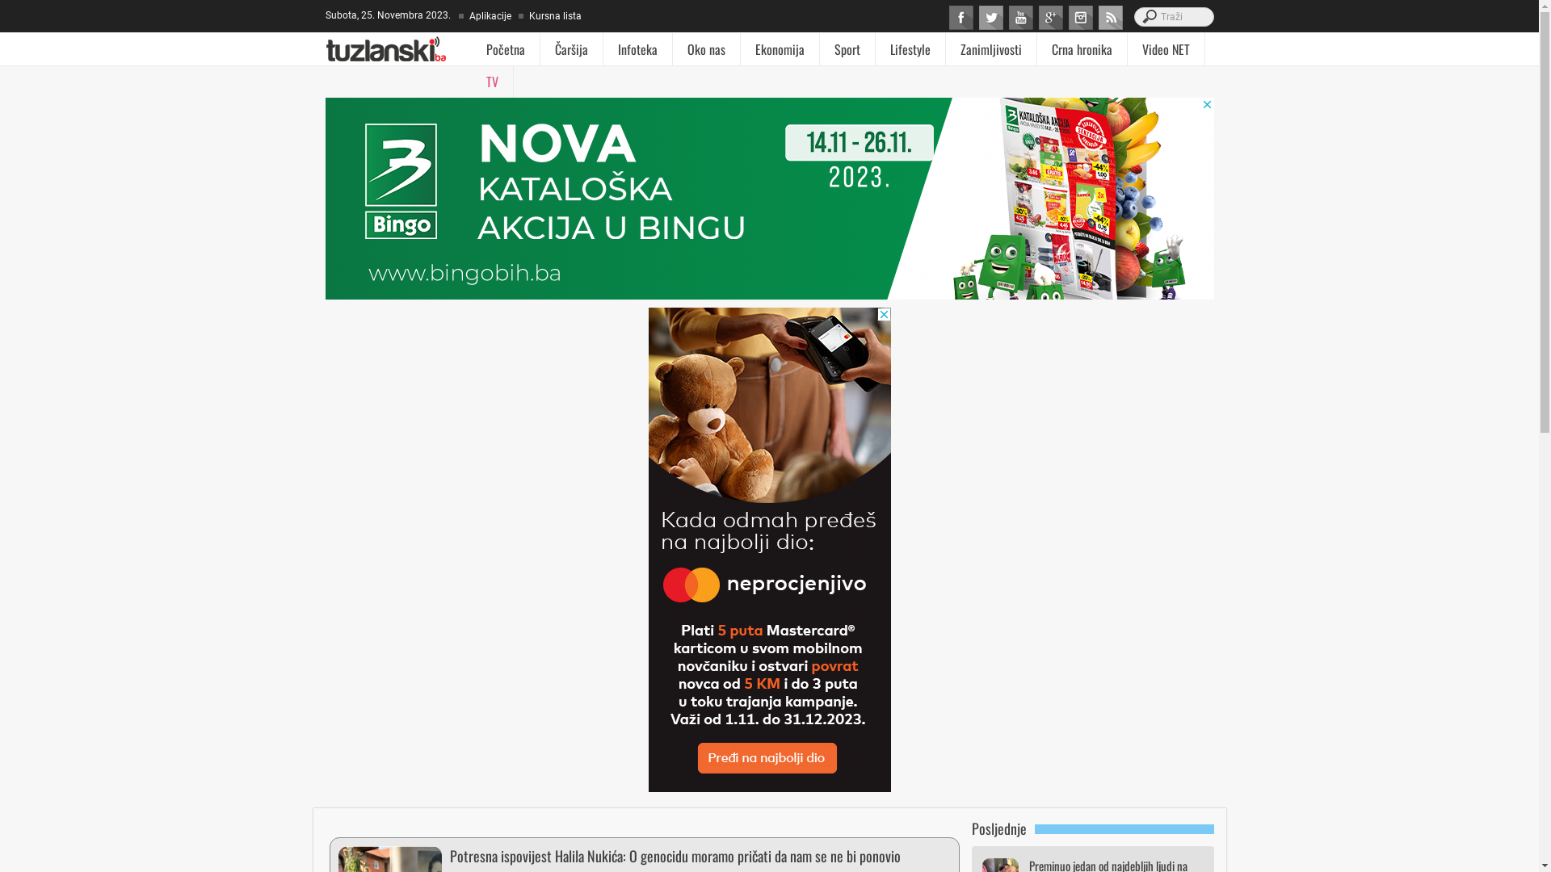 Image resolution: width=1551 pixels, height=872 pixels. I want to click on 'Kursna lista', so click(553, 15).